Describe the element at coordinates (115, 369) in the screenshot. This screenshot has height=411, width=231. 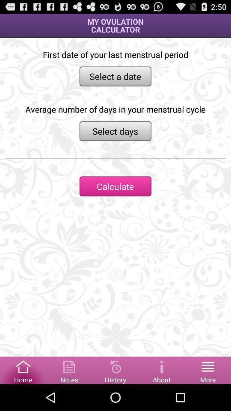
I see `history` at that location.